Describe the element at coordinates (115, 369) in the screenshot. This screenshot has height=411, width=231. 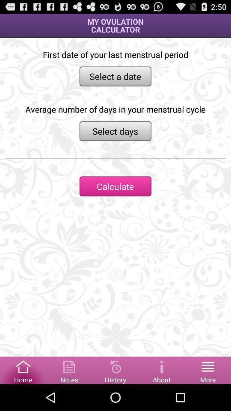
I see `history` at that location.